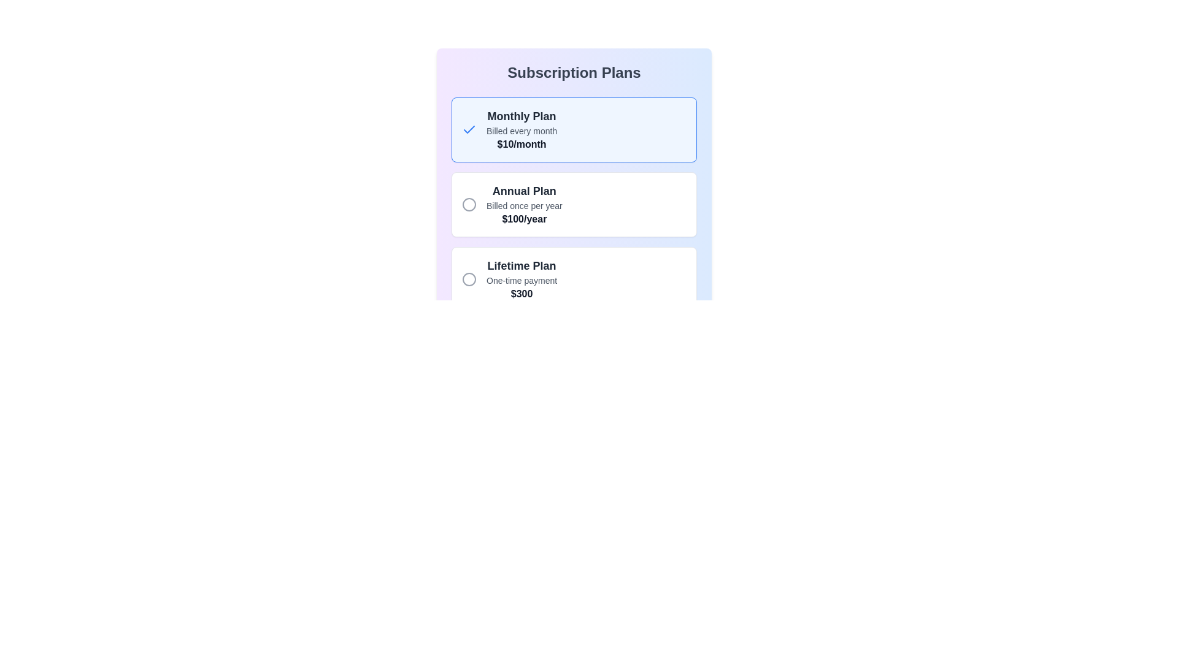 The height and width of the screenshot is (662, 1178). I want to click on the text display that shows the cost of the 'Monthly Plan' subscription option, located under the 'Monthly Plan' section, below 'Billed every month', so click(522, 143).